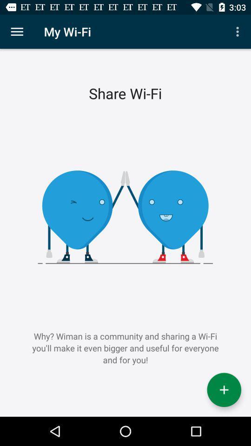 The width and height of the screenshot is (251, 446). I want to click on see the menu bar, so click(17, 32).